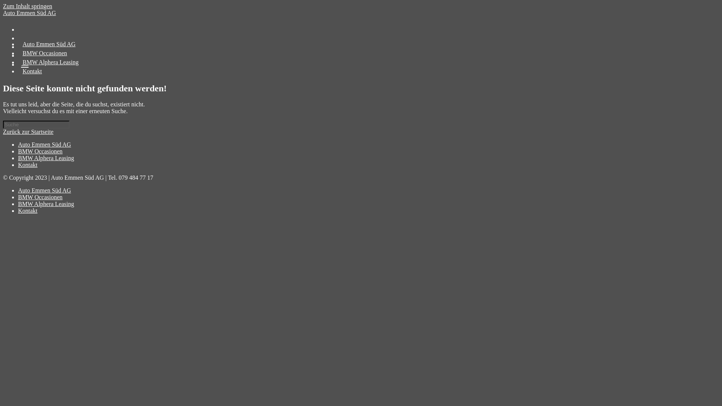  Describe the element at coordinates (3, 6) in the screenshot. I see `'Zum Inhalt springen'` at that location.